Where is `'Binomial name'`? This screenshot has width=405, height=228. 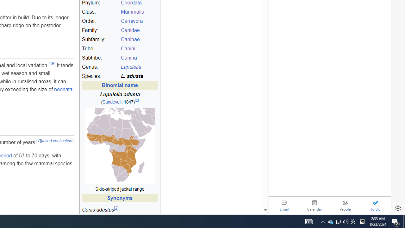
'Binomial name' is located at coordinates (120, 85).